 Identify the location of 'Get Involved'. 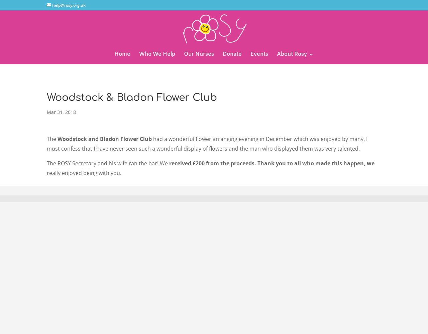
(290, 92).